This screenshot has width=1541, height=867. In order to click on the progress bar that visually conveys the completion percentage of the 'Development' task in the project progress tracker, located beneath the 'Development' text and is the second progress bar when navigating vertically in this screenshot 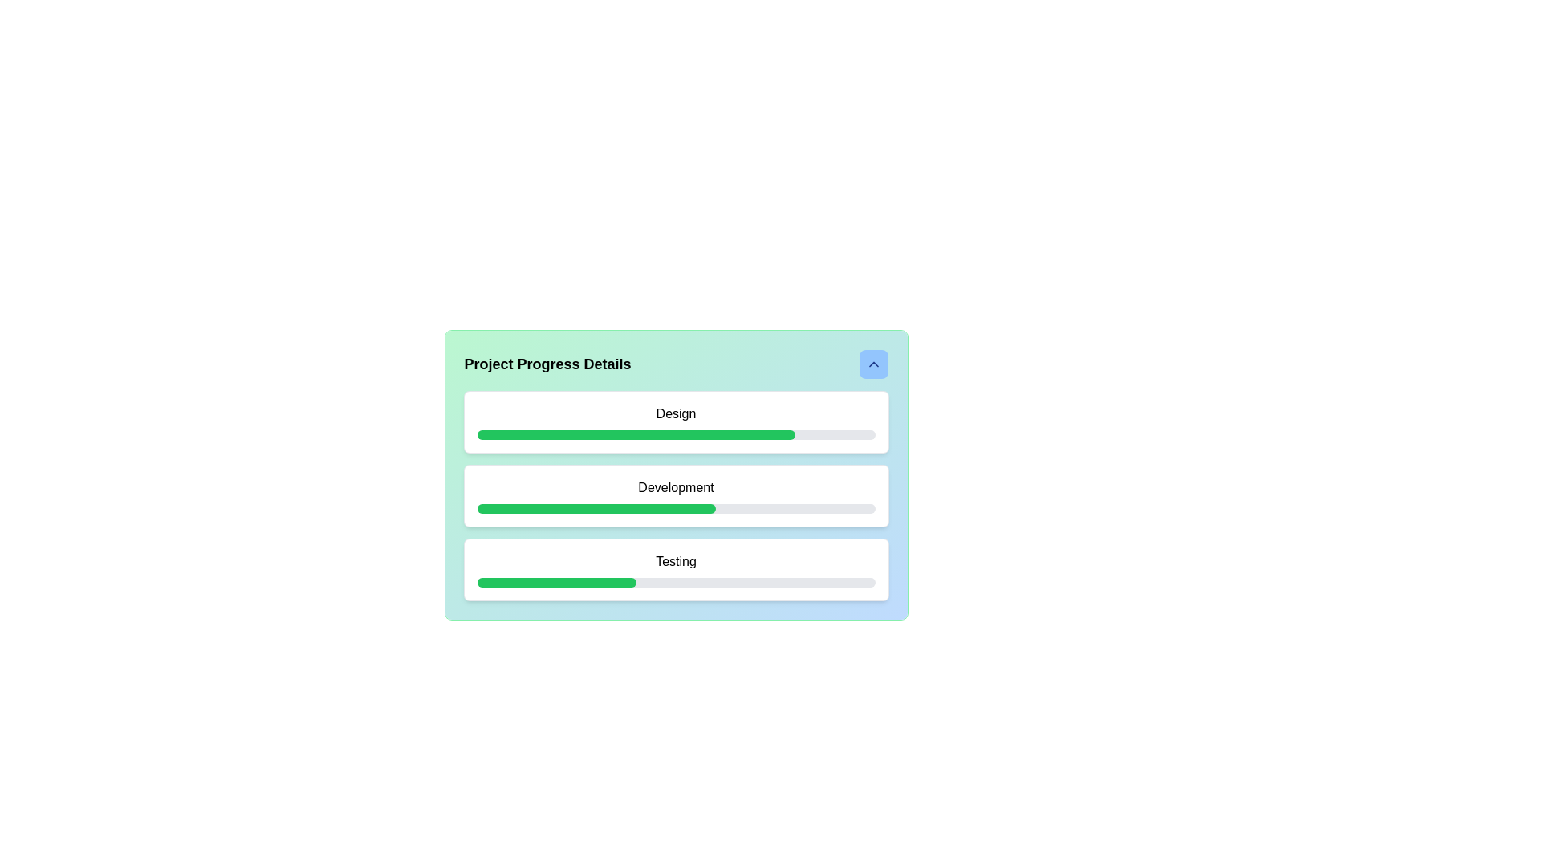, I will do `click(676, 508)`.